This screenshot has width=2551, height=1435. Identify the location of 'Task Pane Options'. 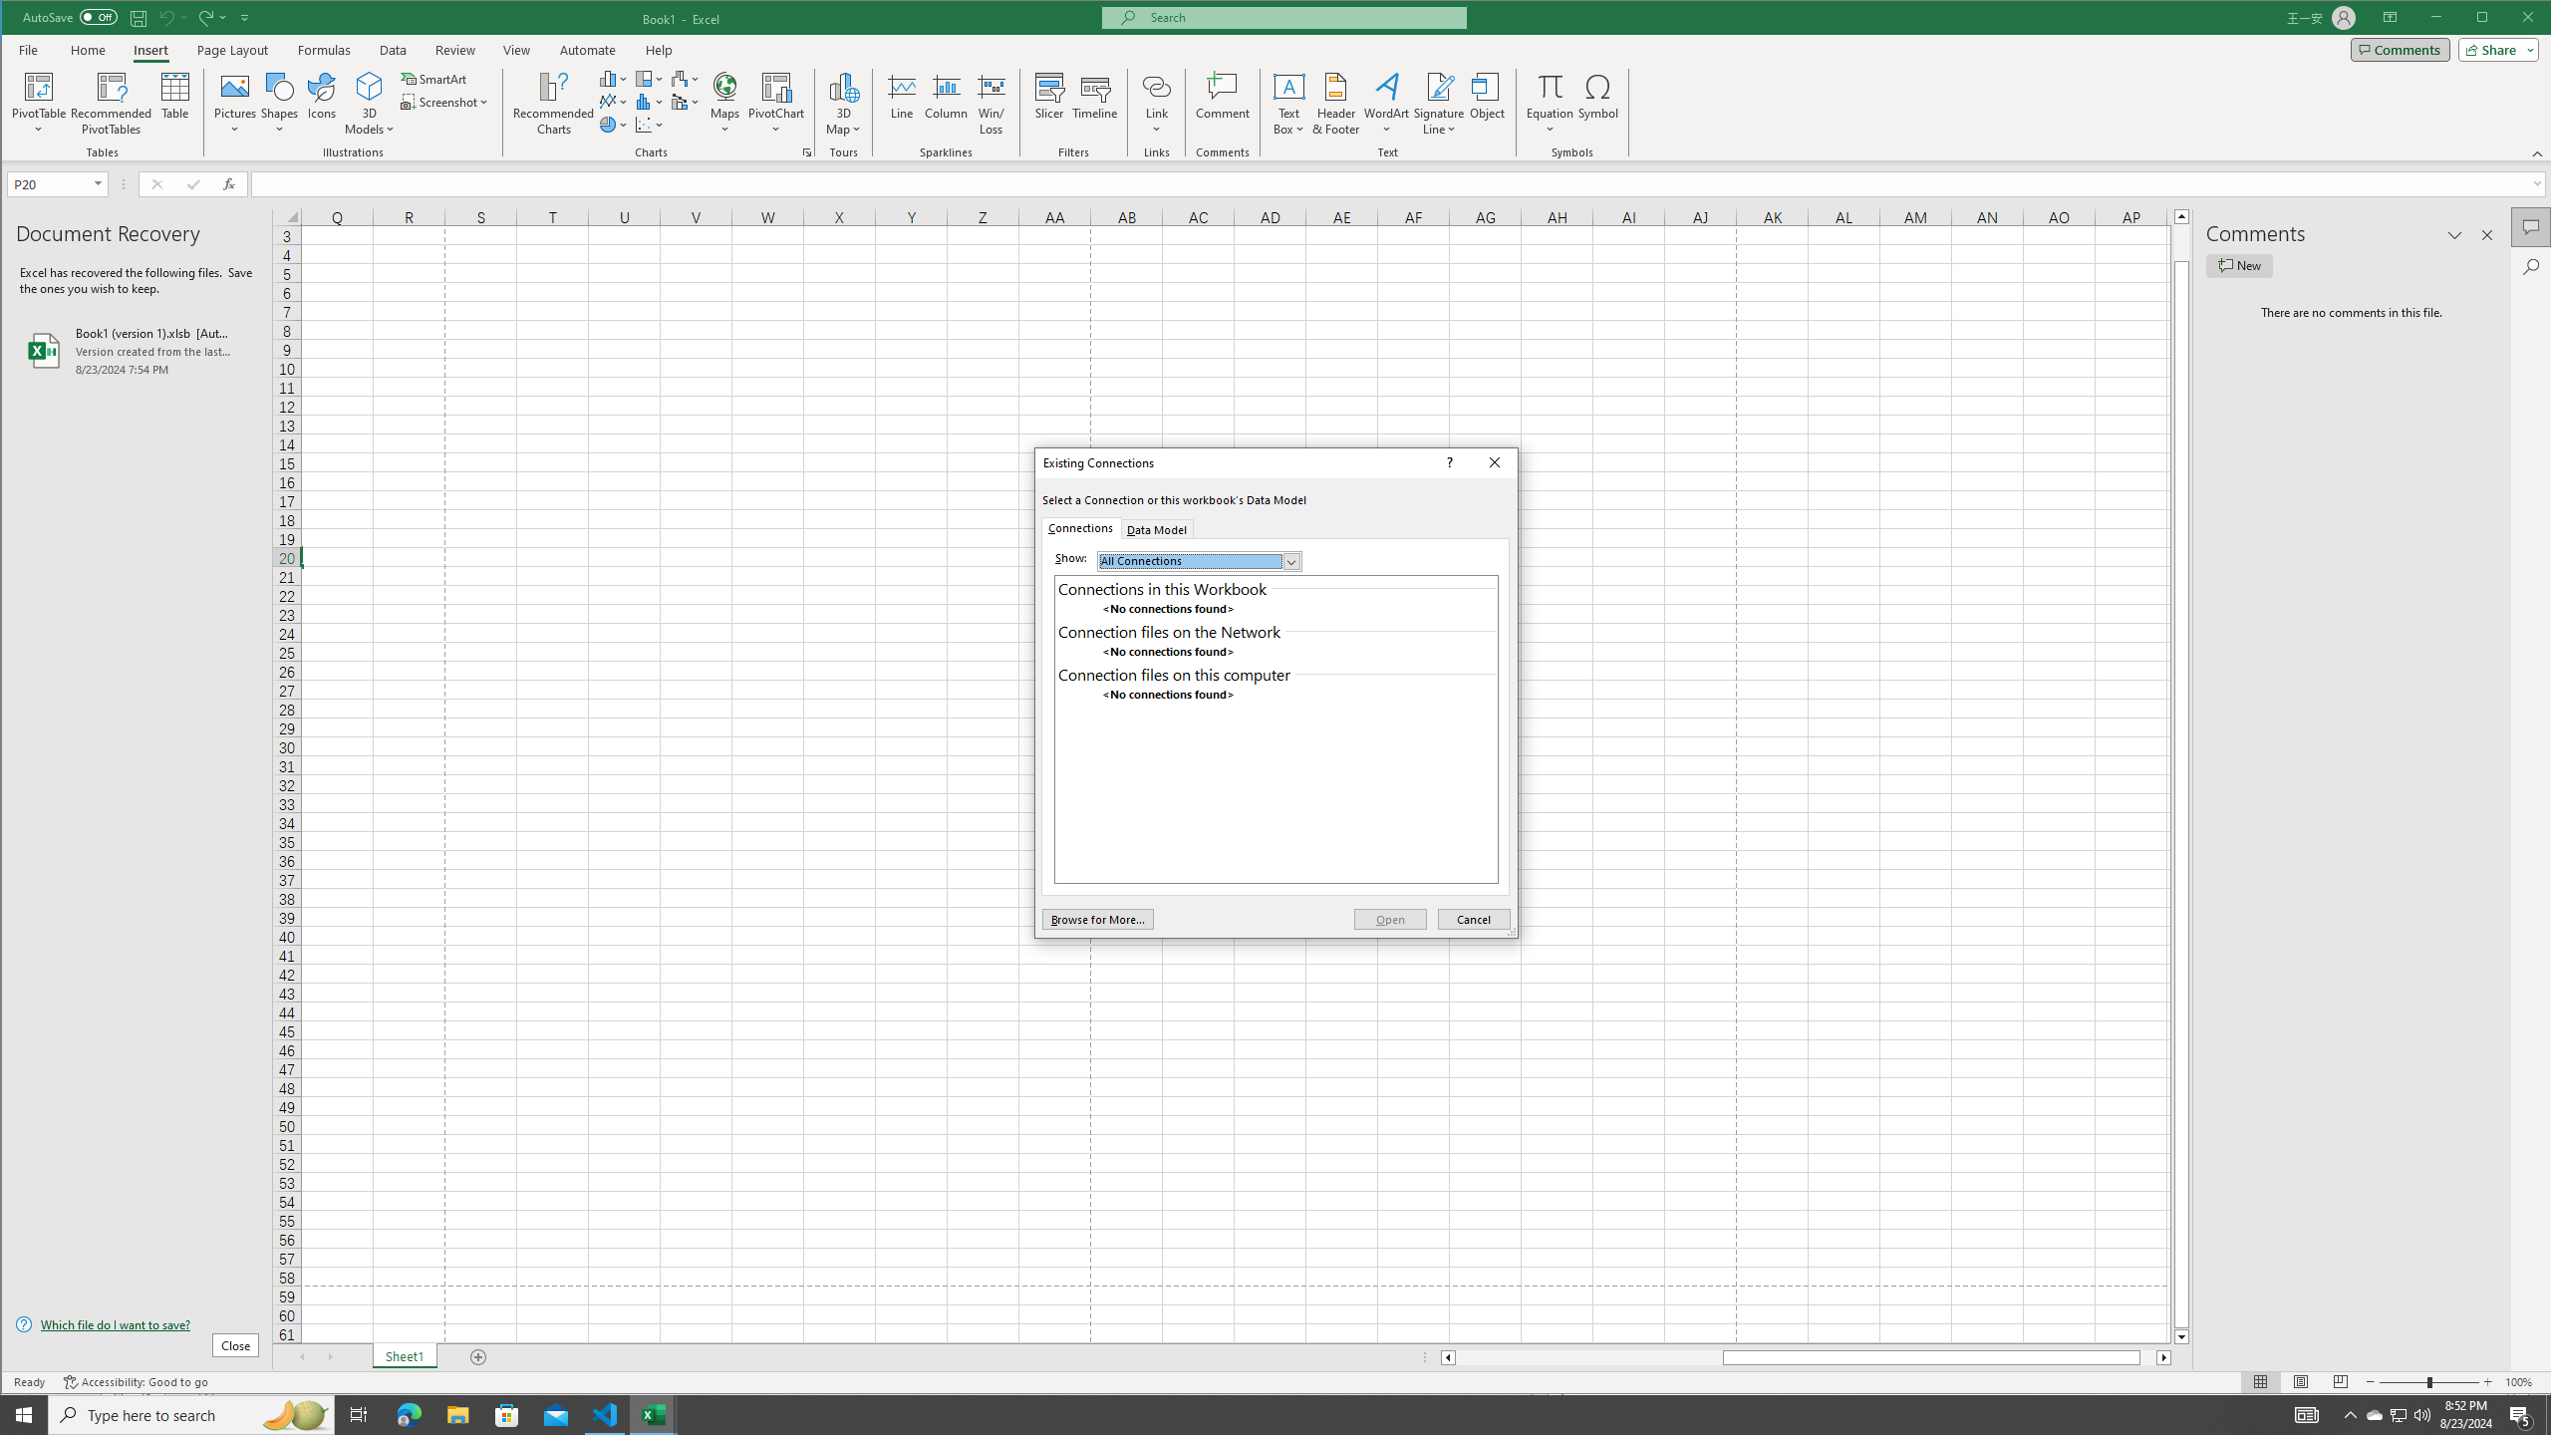
(2454, 234).